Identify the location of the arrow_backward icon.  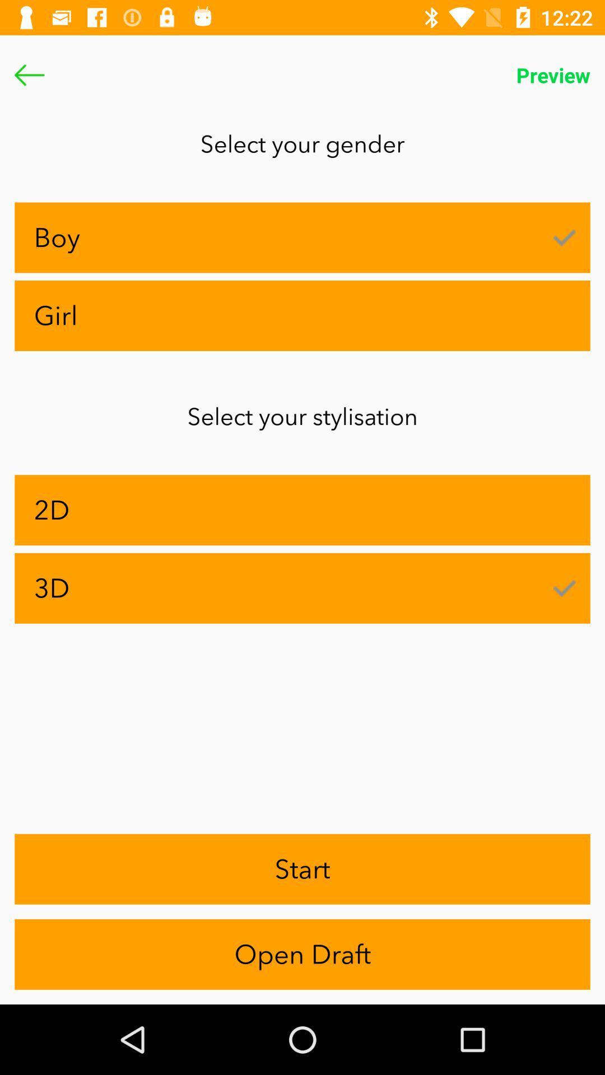
(29, 74).